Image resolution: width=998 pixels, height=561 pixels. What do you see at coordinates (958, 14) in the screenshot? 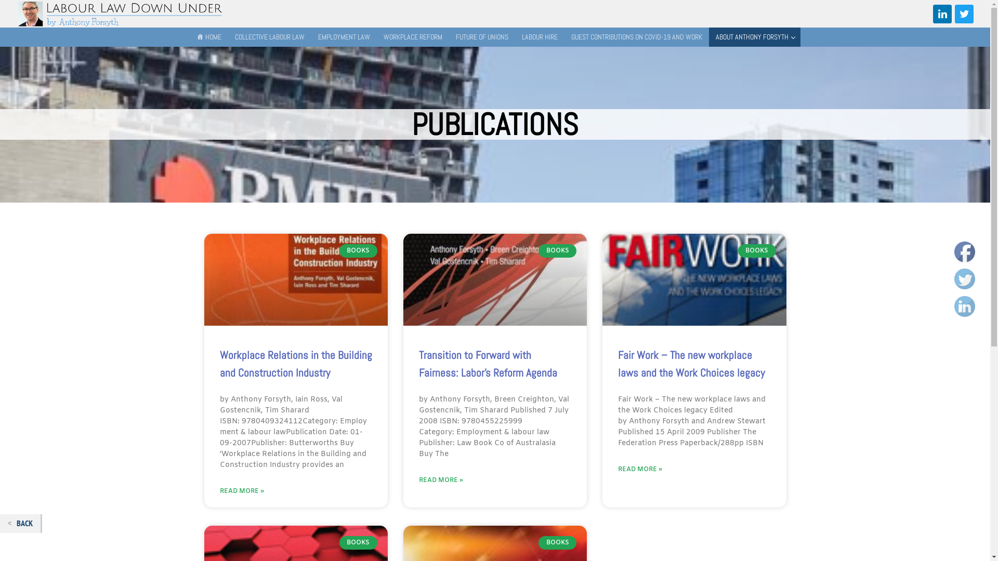
I see `'Twitter'` at bounding box center [958, 14].